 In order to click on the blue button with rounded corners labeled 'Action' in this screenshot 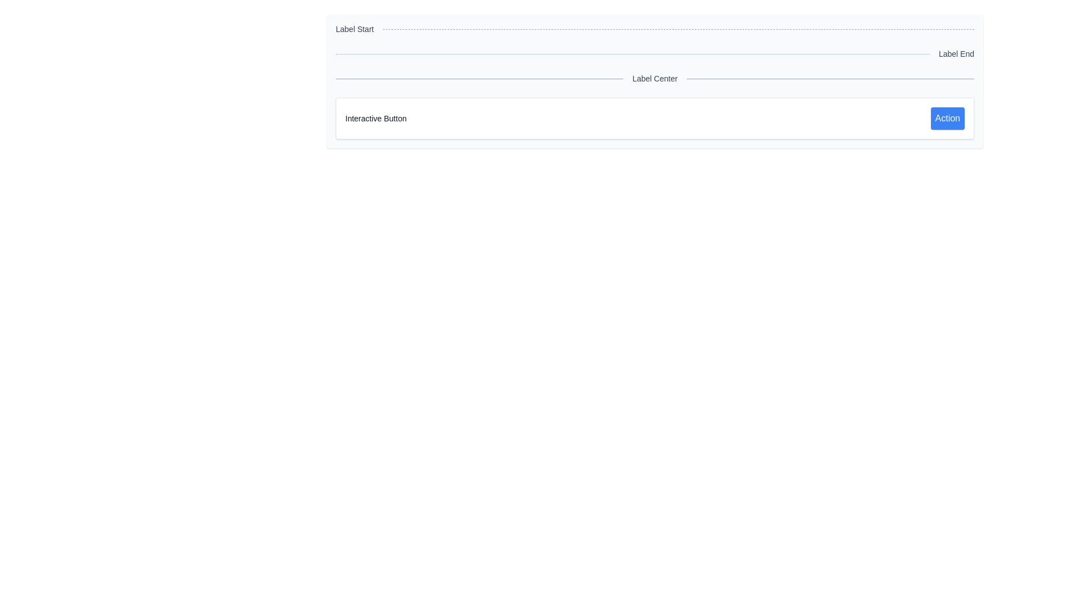, I will do `click(947, 119)`.